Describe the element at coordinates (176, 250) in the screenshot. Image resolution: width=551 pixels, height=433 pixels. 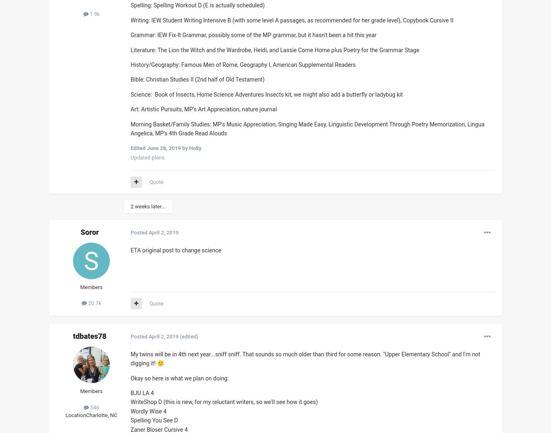
I see `'ETA original post to change science'` at that location.